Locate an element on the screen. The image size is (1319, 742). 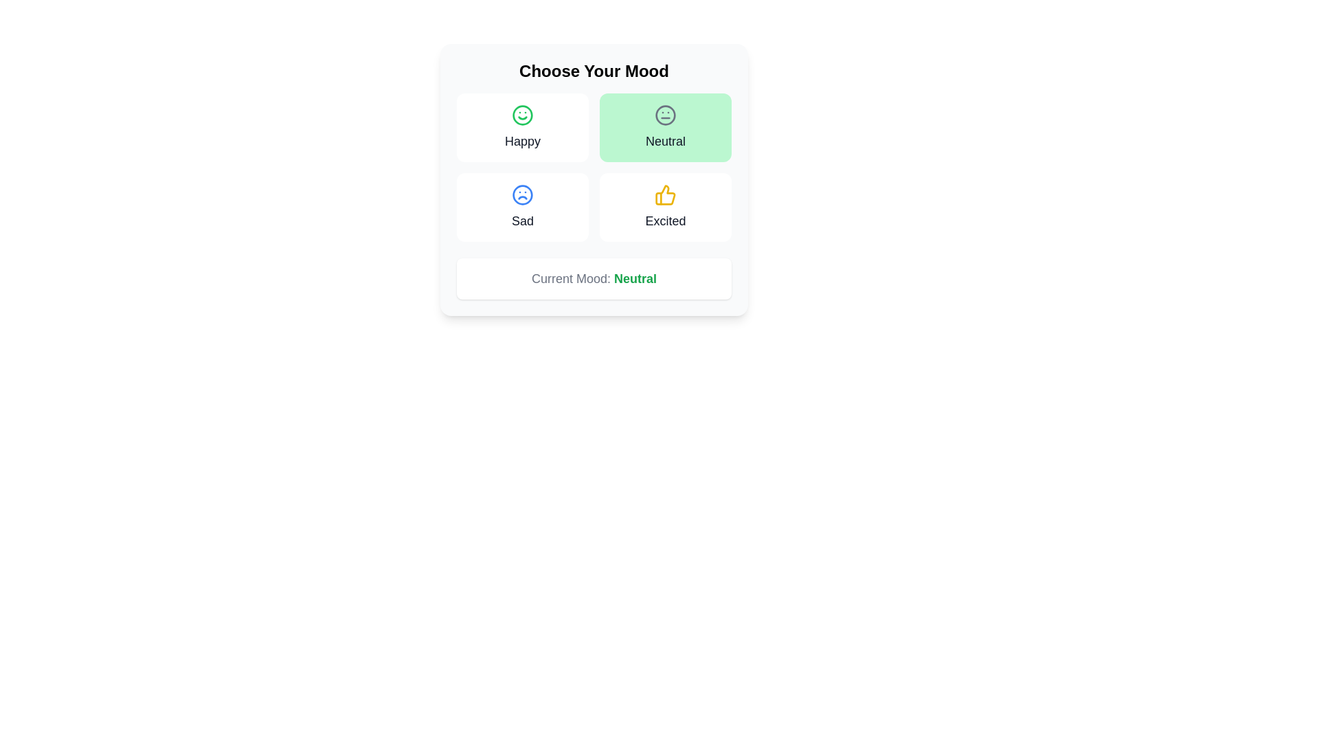
the text label displaying 'Neutral', which is located in the bright green area beneath the neutral face icon in the top right quadrant of the grid layout is located at coordinates (666, 141).